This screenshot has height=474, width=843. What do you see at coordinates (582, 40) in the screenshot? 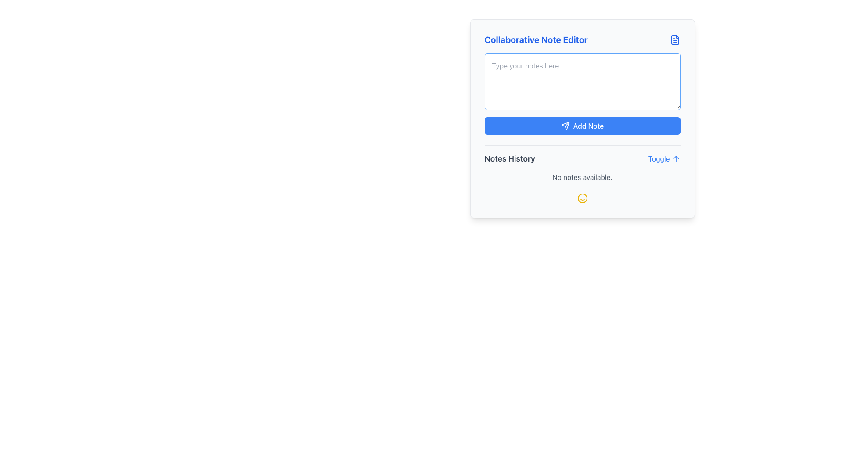
I see `text displayed in the 'Collaborative Note Editor' label, which is a bold, blue font title positioned at the top-left of the note-taking interface` at bounding box center [582, 40].